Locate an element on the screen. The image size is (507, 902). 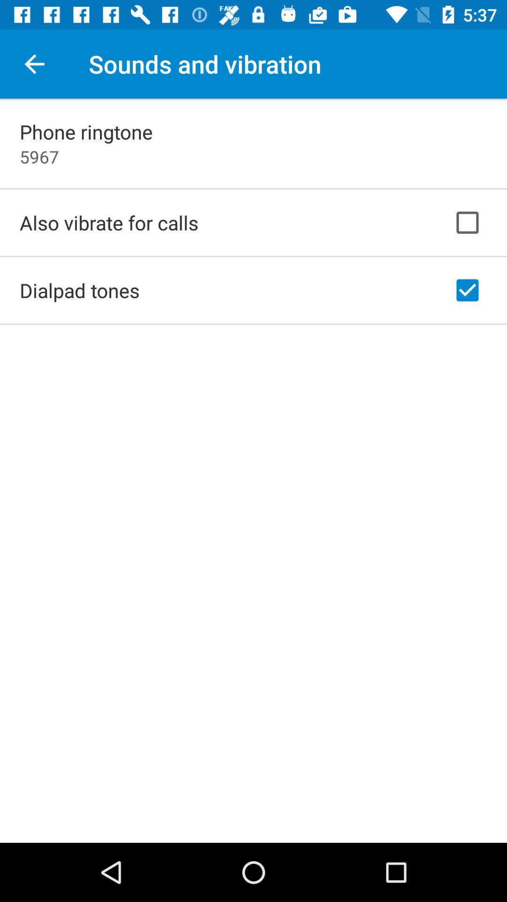
the icon below the phone ringtone is located at coordinates (39, 156).